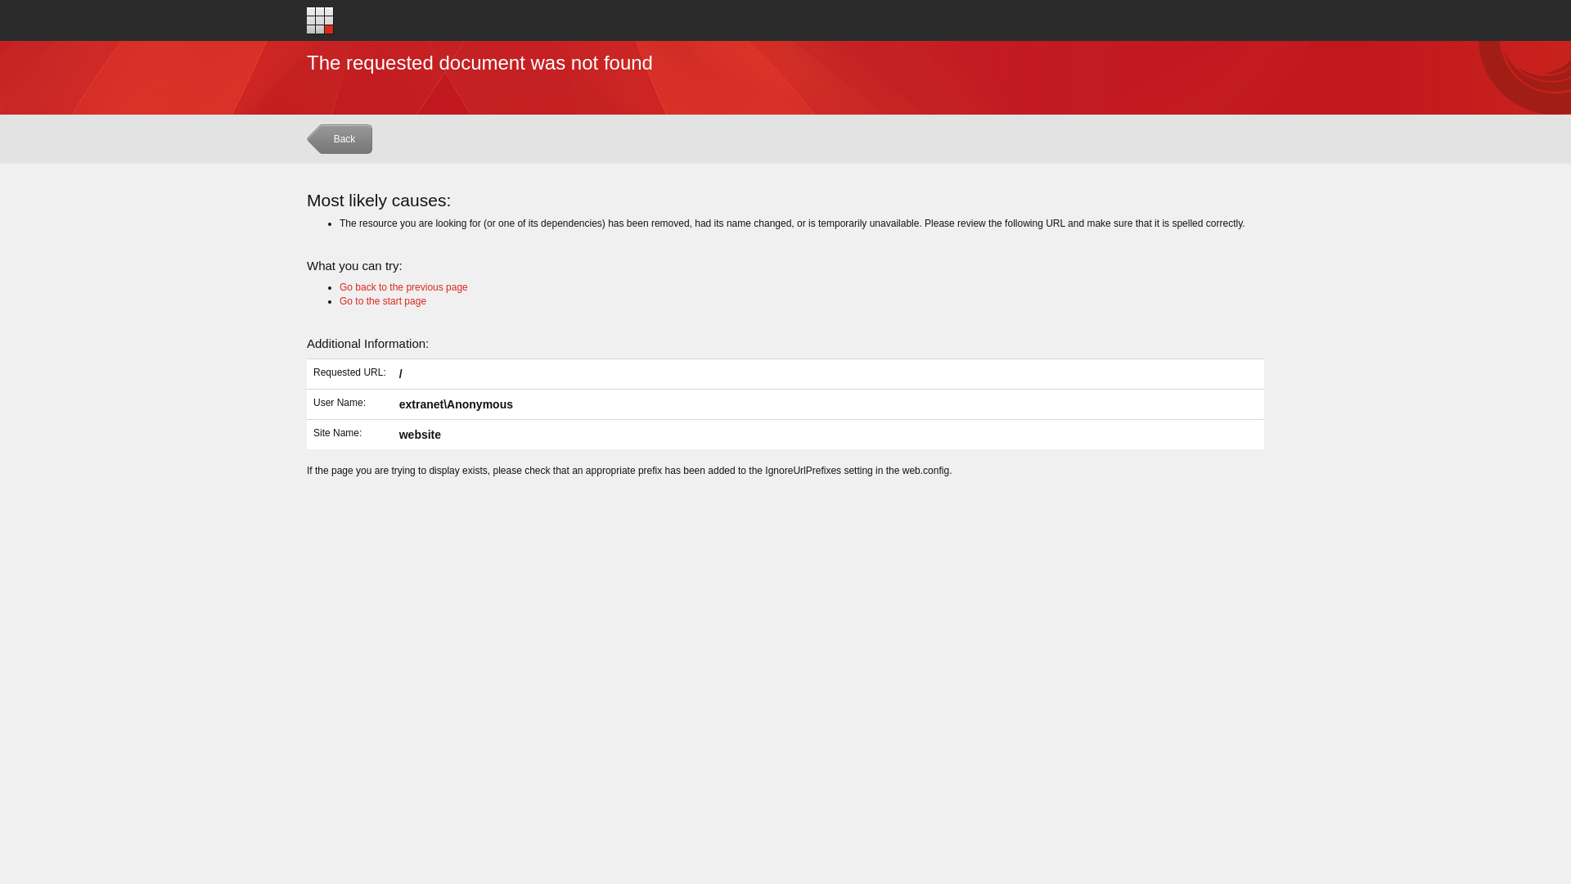  I want to click on 'Go to the start page', so click(382, 300).